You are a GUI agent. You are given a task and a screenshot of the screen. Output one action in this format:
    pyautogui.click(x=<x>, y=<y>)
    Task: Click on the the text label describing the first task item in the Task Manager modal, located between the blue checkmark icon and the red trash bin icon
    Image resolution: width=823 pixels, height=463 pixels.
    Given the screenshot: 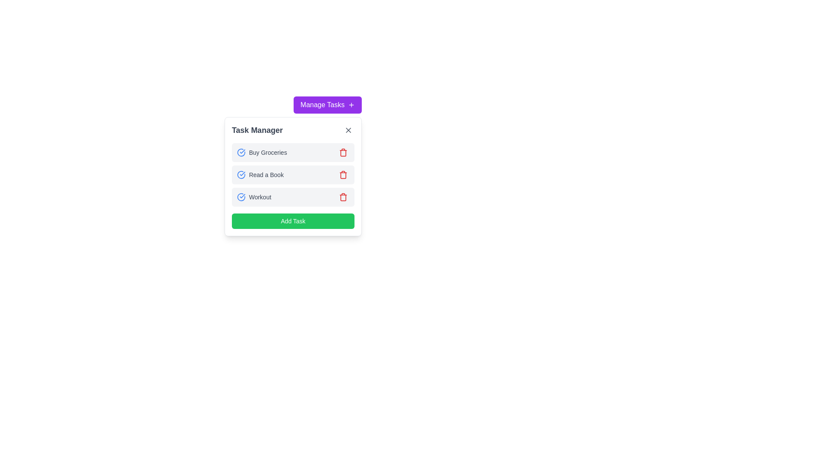 What is the action you would take?
    pyautogui.click(x=267, y=152)
    